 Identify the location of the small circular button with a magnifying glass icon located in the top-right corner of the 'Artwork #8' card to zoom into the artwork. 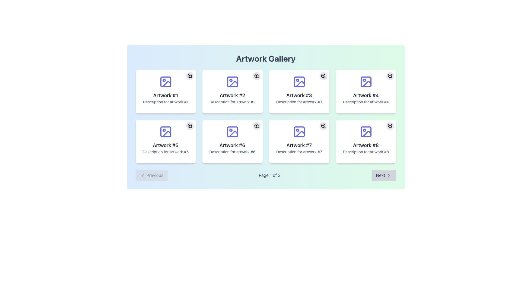
(390, 126).